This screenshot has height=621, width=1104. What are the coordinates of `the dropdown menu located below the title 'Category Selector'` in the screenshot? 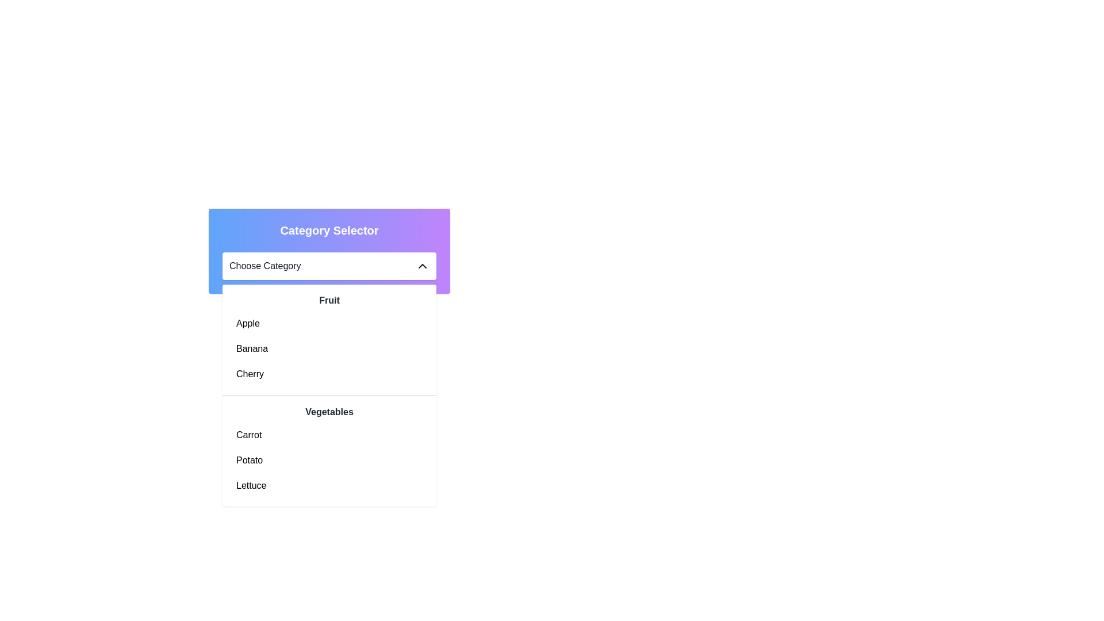 It's located at (328, 266).